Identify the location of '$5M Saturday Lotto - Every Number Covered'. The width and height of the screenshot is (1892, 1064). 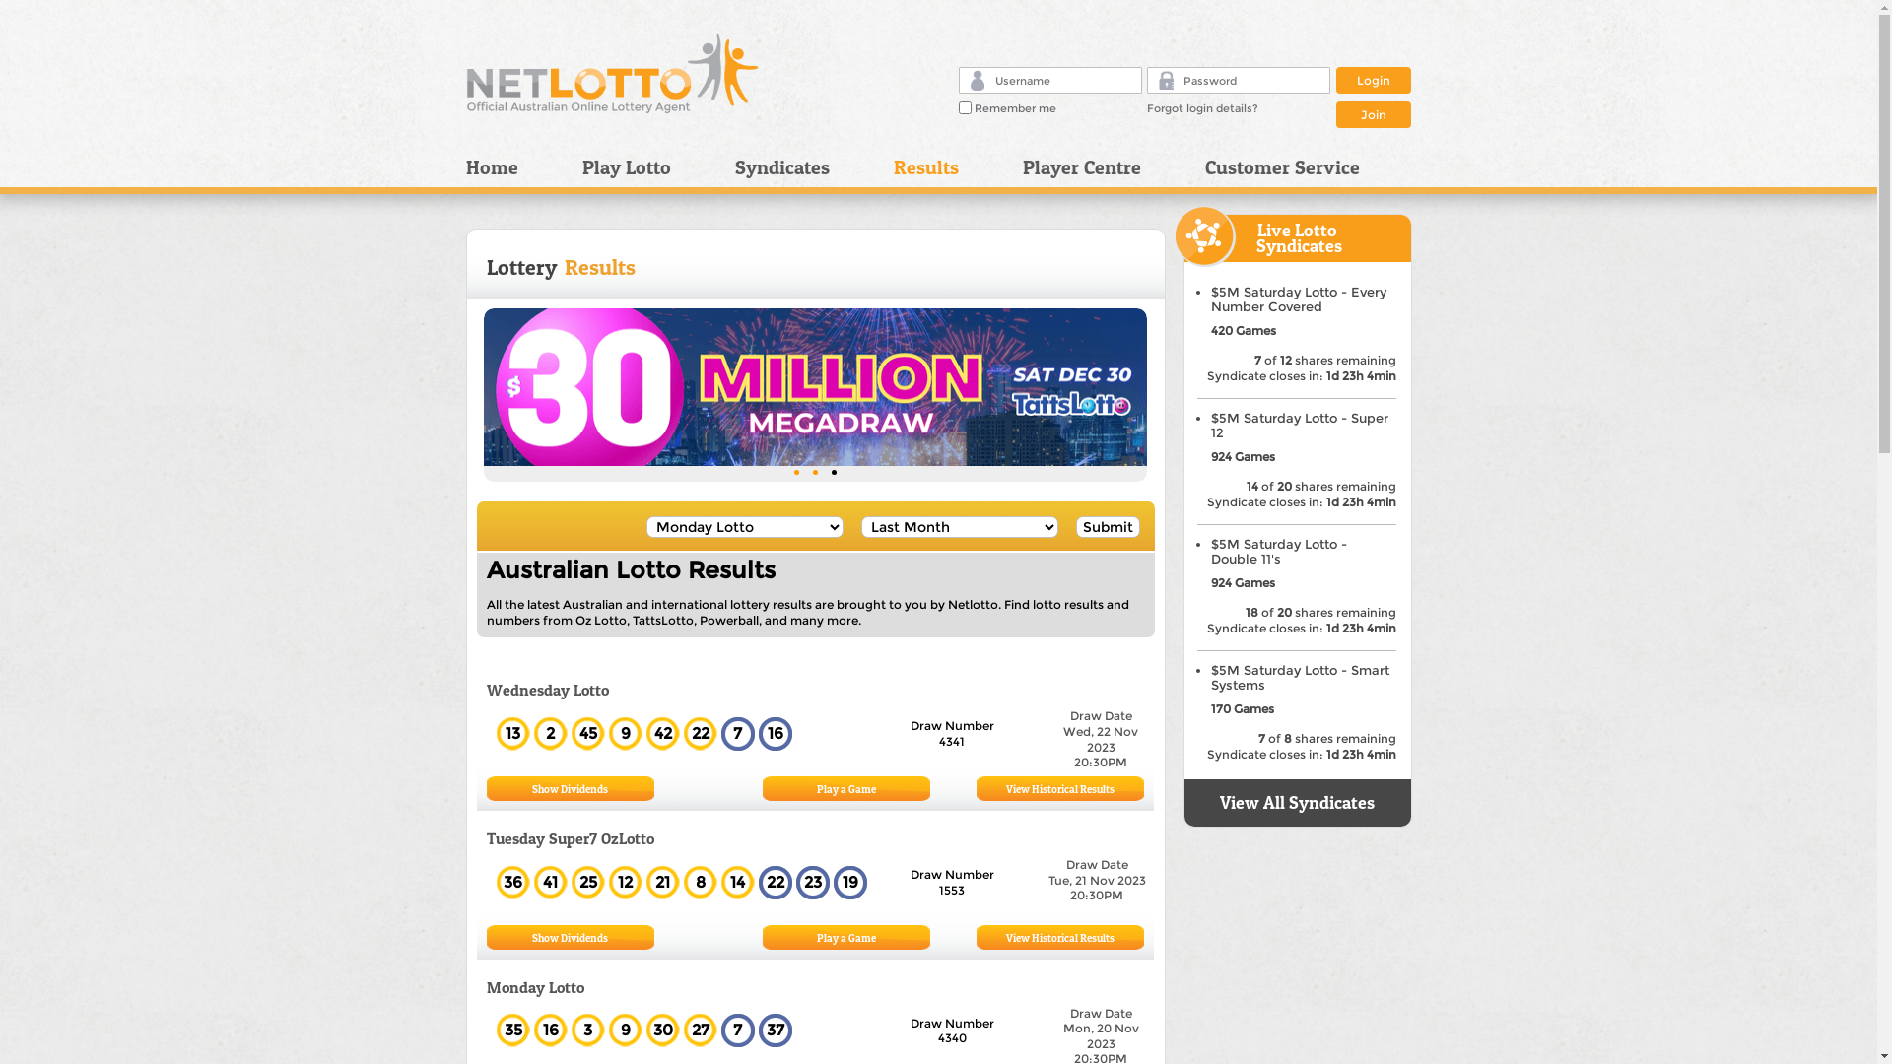
(1209, 299).